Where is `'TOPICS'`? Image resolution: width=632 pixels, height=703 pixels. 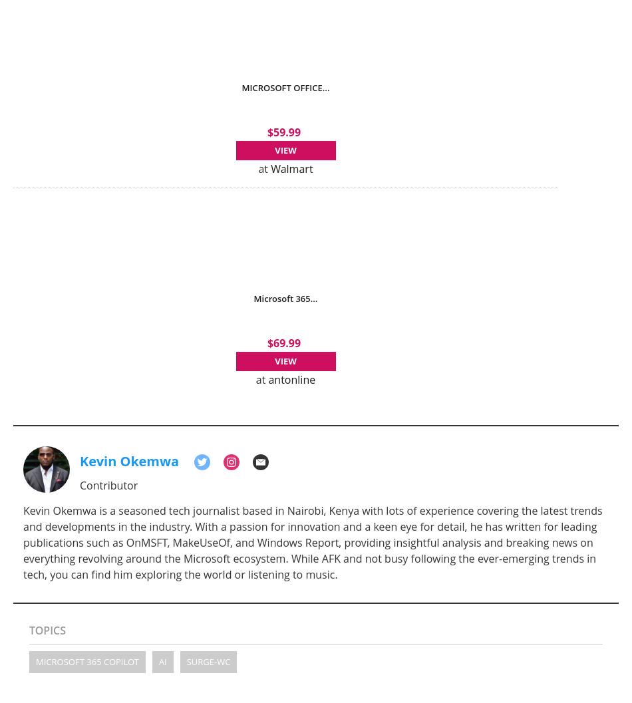
'TOPICS' is located at coordinates (47, 629).